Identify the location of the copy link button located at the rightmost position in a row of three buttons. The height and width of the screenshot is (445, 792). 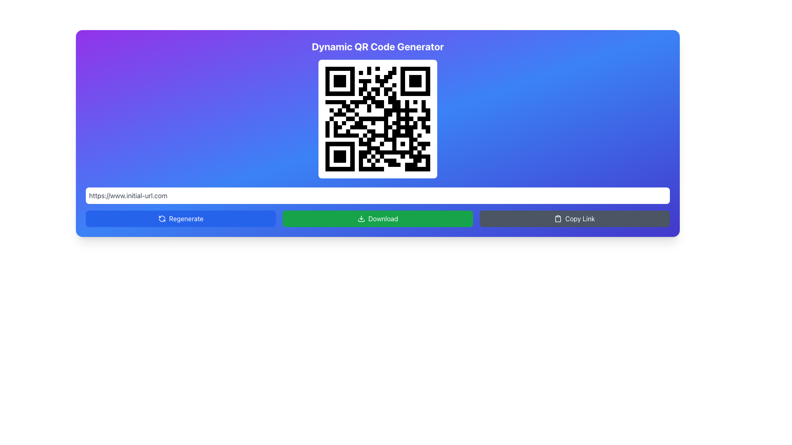
(574, 218).